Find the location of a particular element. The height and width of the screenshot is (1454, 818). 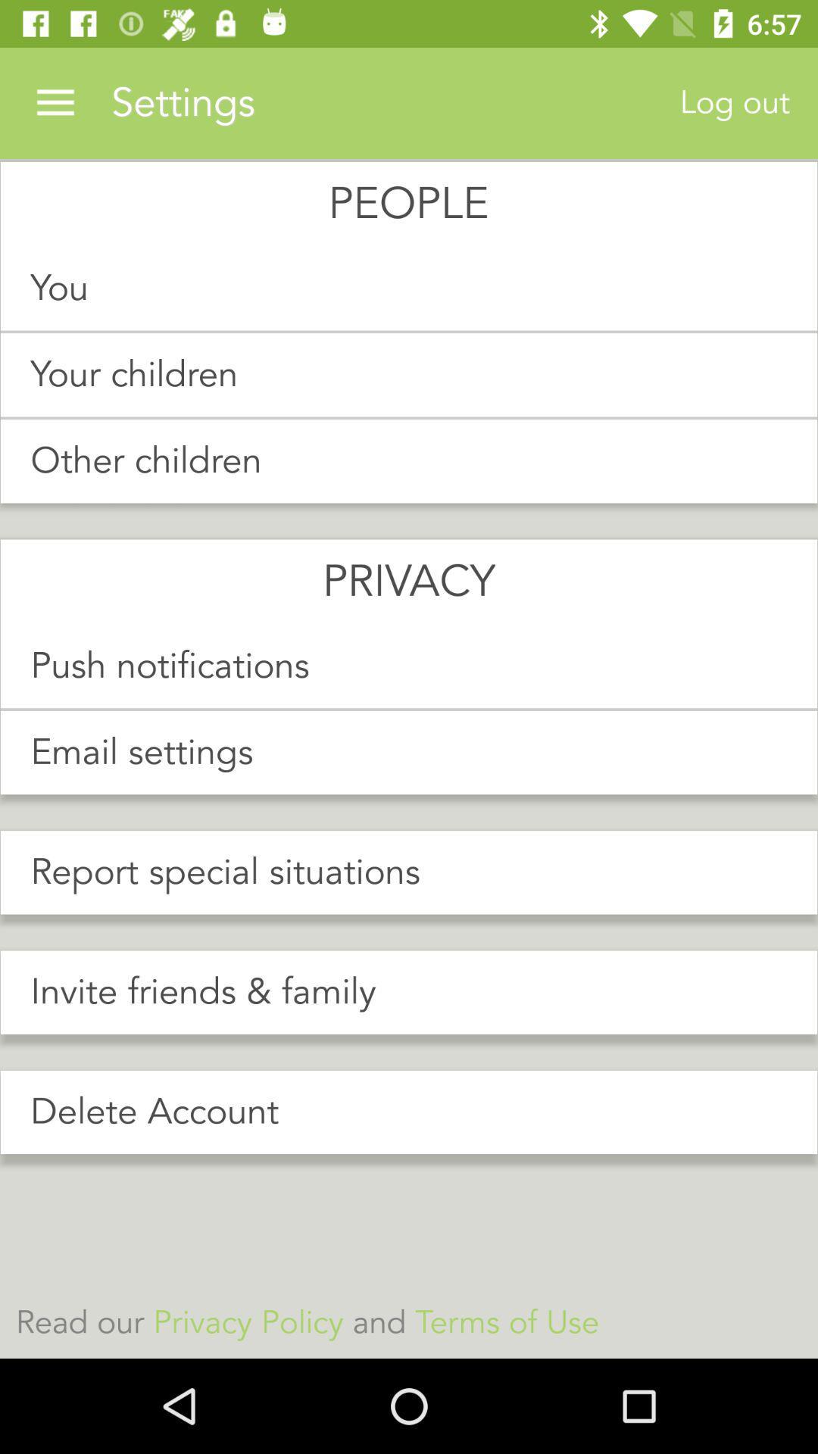

the log out item is located at coordinates (734, 102).